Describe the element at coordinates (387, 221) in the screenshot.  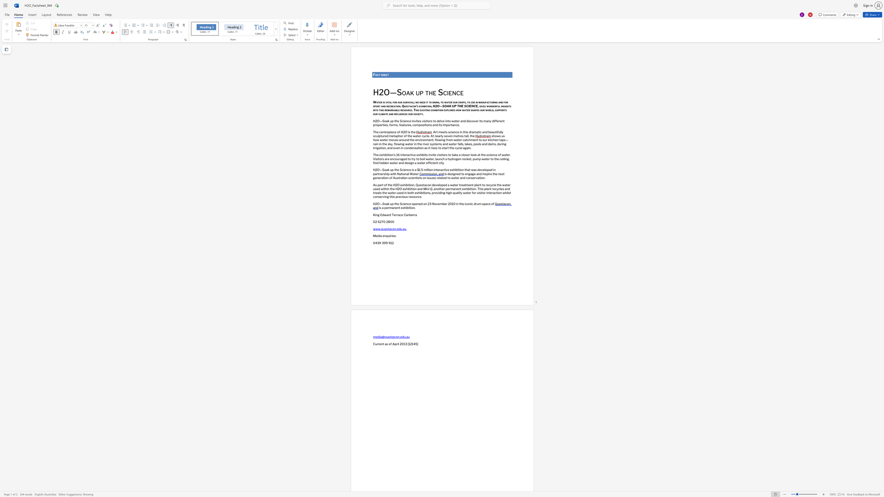
I see `the subset text "80" within the text "02 6270 2800"` at that location.